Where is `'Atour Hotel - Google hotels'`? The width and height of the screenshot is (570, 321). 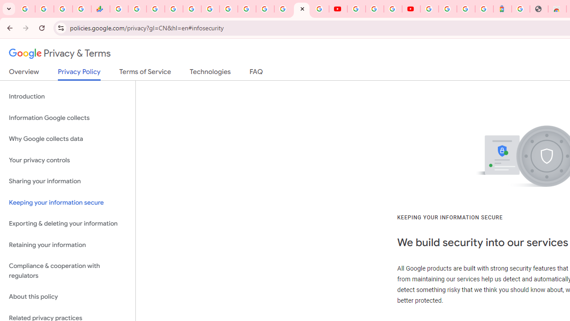
'Atour Hotel - Google hotels' is located at coordinates (502, 9).